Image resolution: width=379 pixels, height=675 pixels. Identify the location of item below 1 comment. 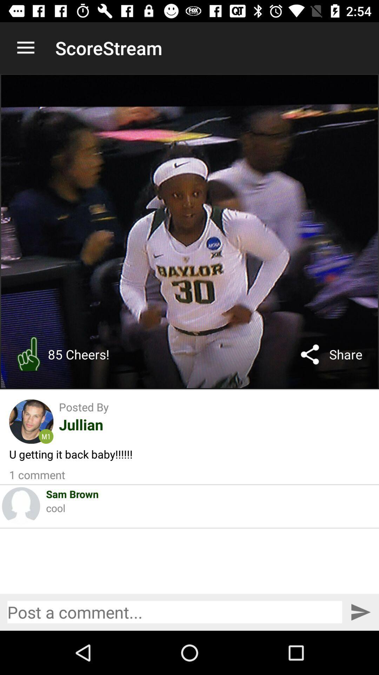
(72, 494).